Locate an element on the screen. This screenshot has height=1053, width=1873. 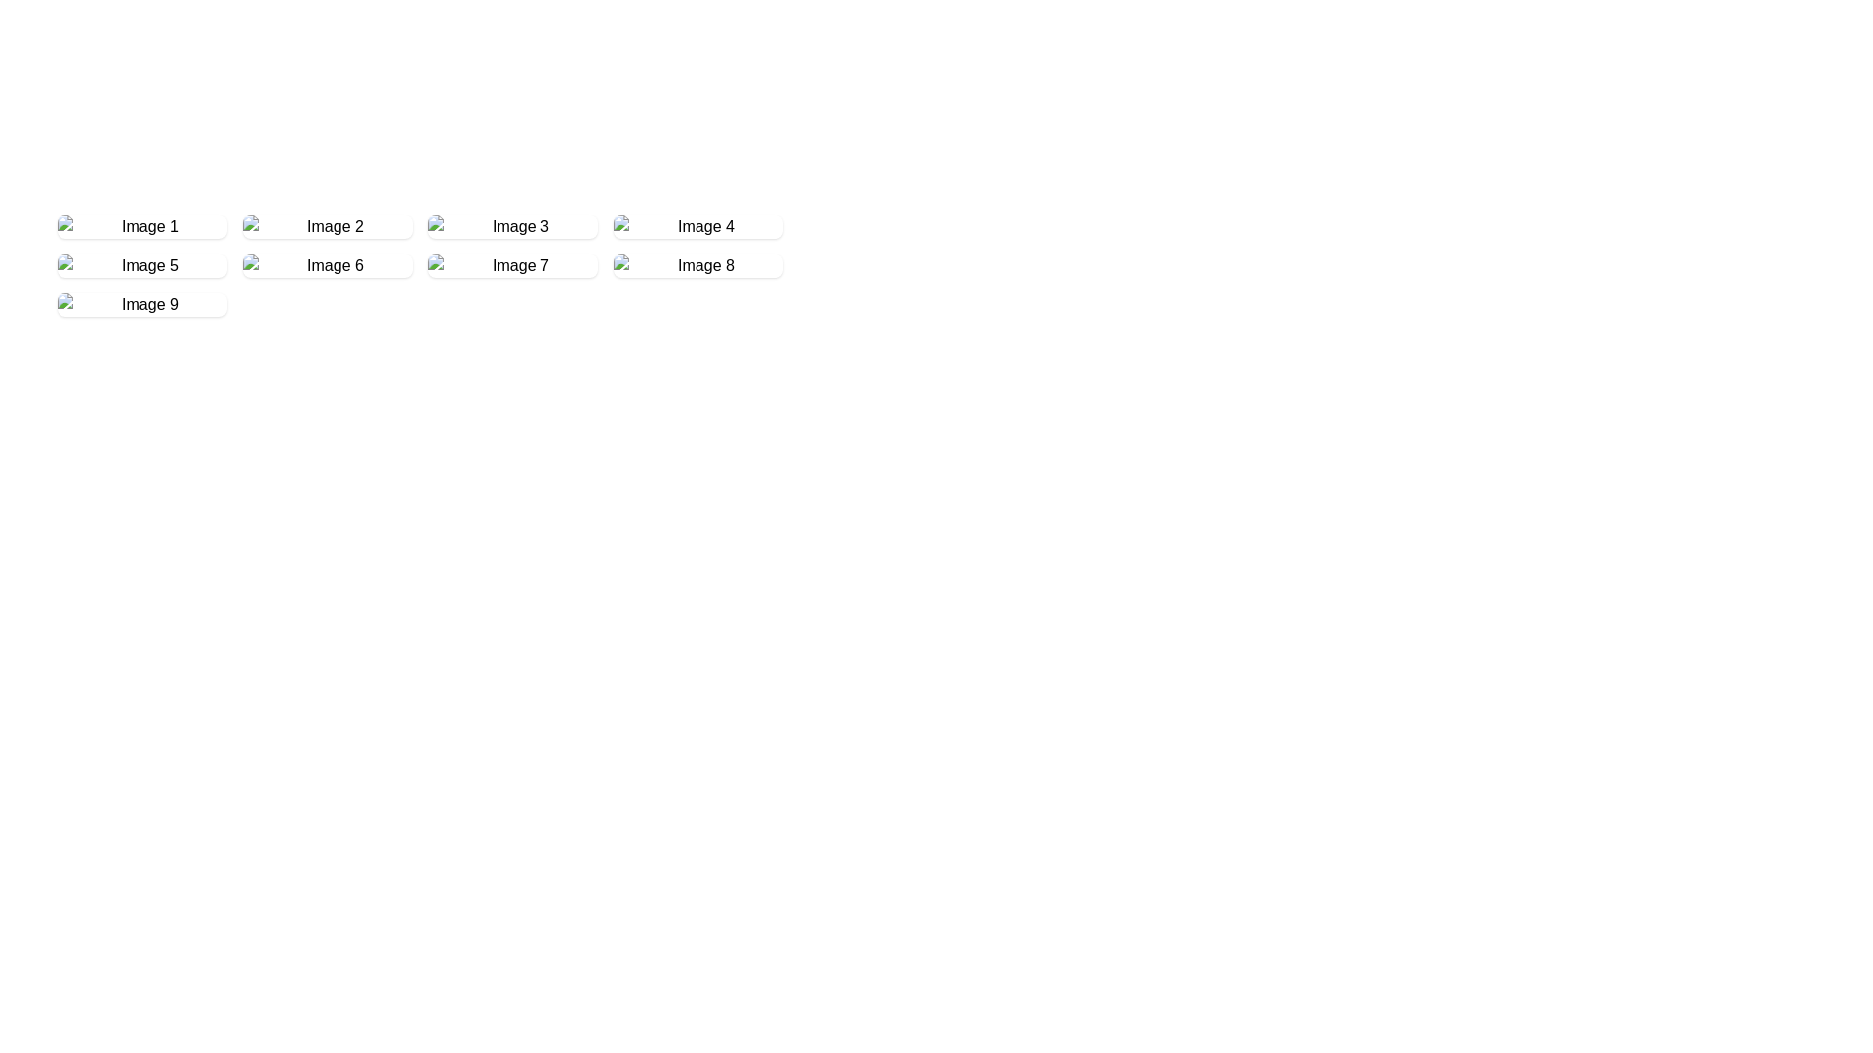
the 'Image 9' tile, which is a rectangular tile with an image placeholder and a label is located at coordinates (140, 304).